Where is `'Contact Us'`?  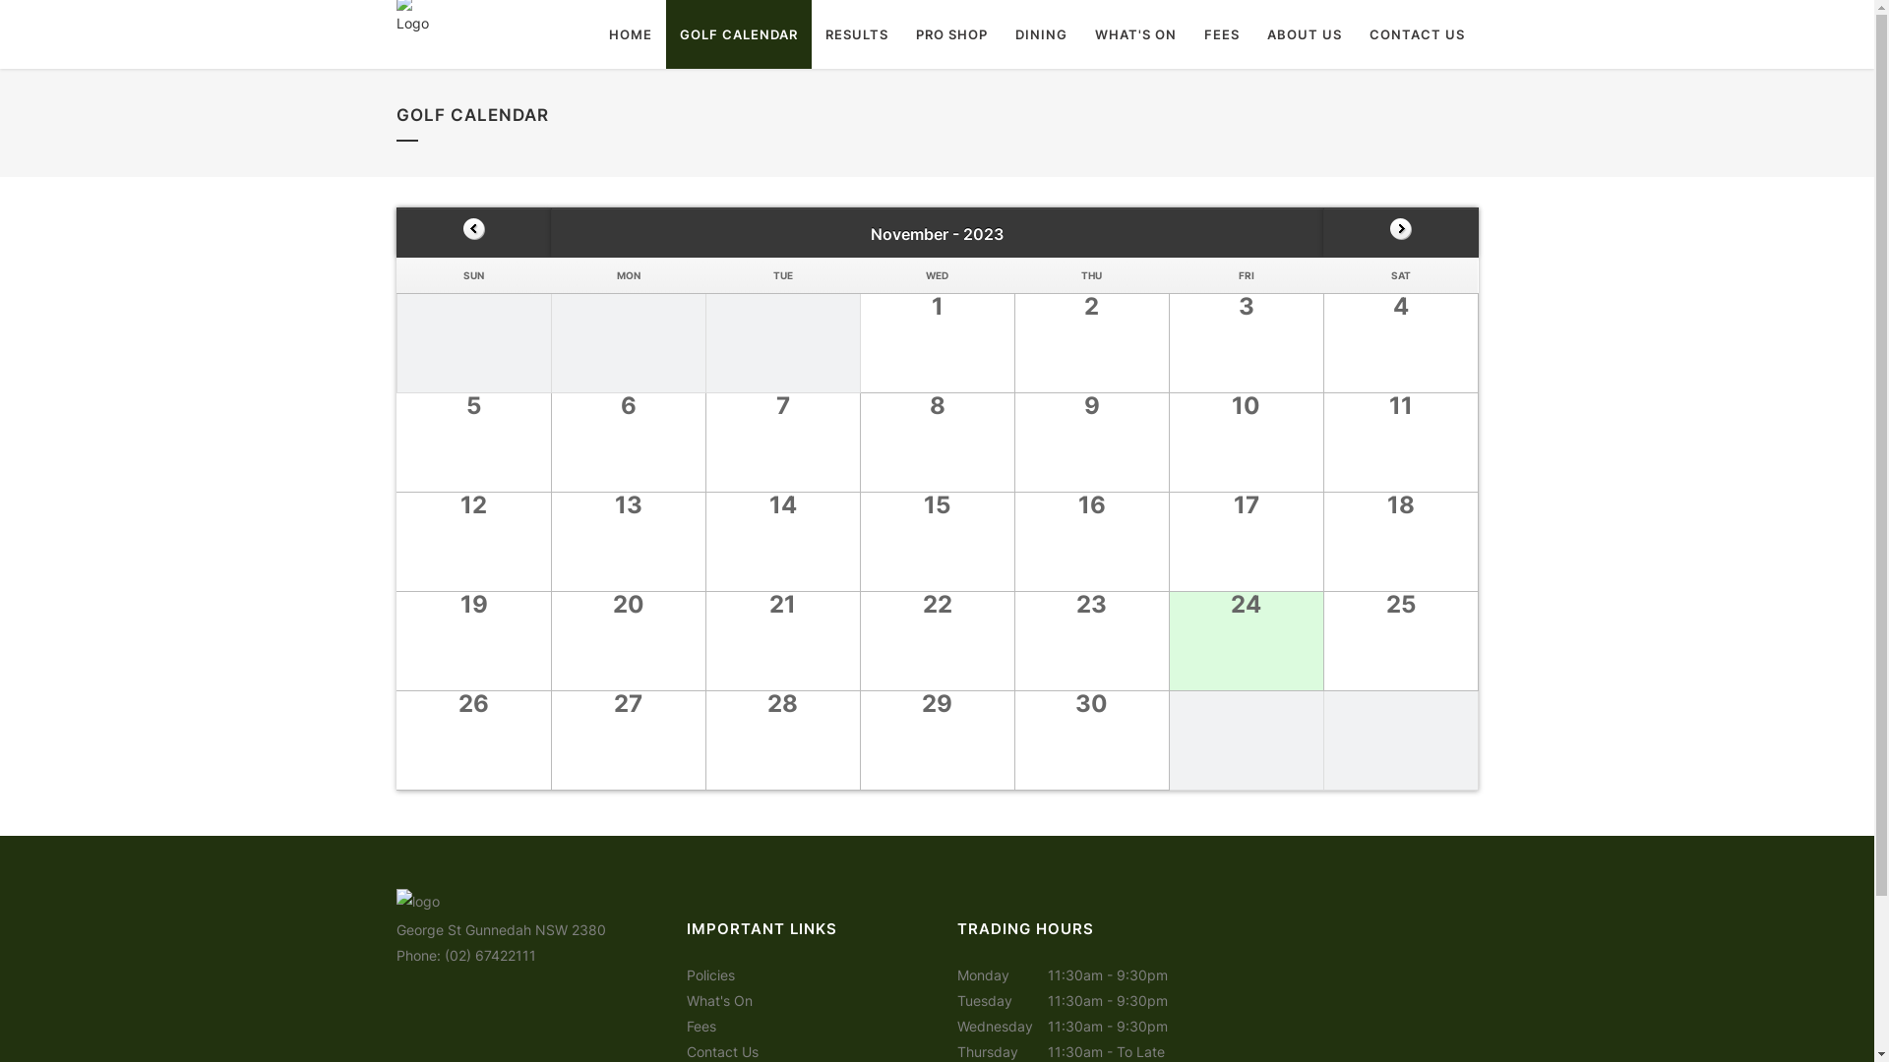
'Contact Us' is located at coordinates (721, 1050).